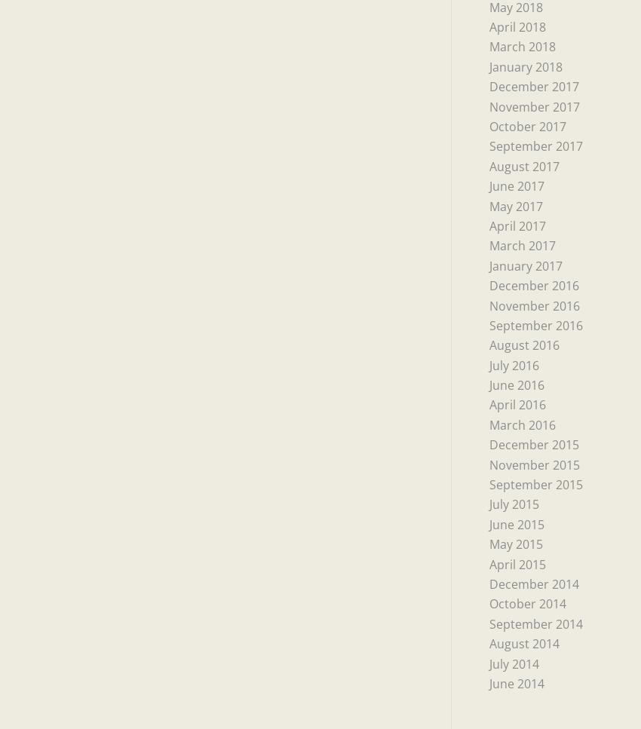 Image resolution: width=641 pixels, height=729 pixels. I want to click on 'November 2017', so click(532, 105).